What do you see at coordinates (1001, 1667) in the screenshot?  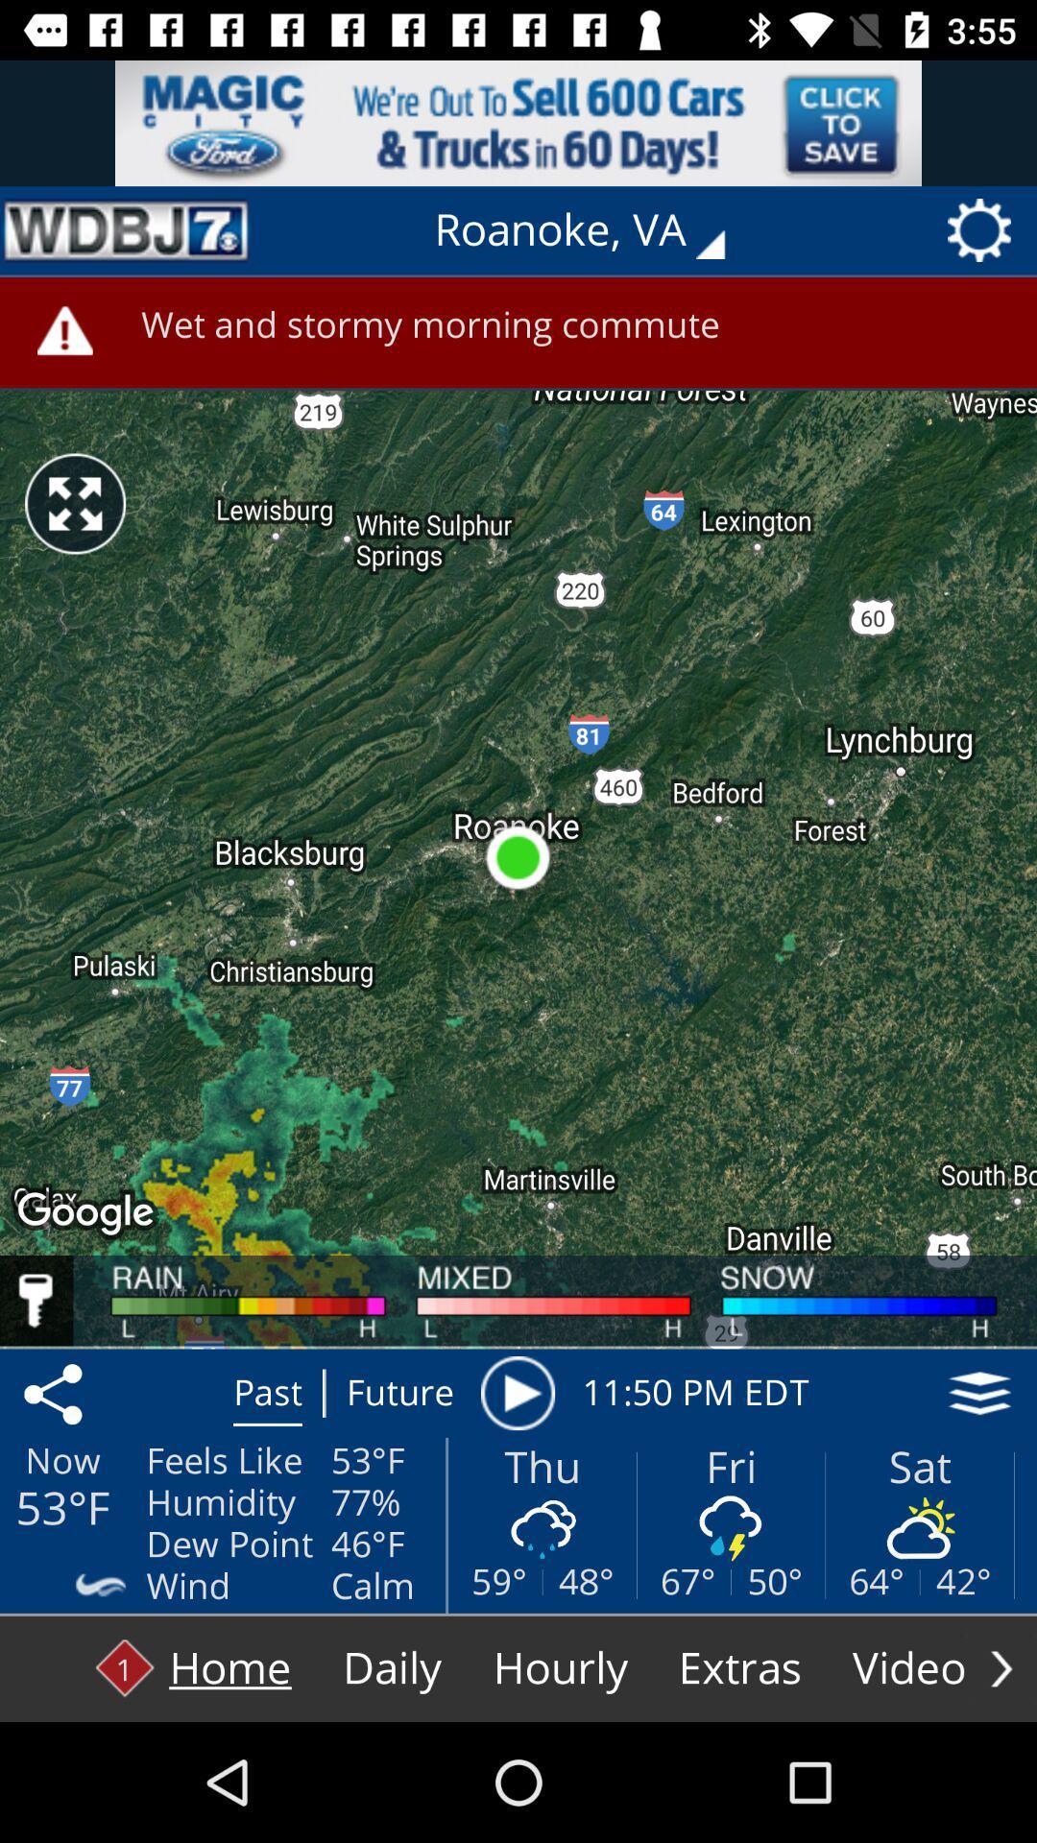 I see `the arrow_forward icon` at bounding box center [1001, 1667].